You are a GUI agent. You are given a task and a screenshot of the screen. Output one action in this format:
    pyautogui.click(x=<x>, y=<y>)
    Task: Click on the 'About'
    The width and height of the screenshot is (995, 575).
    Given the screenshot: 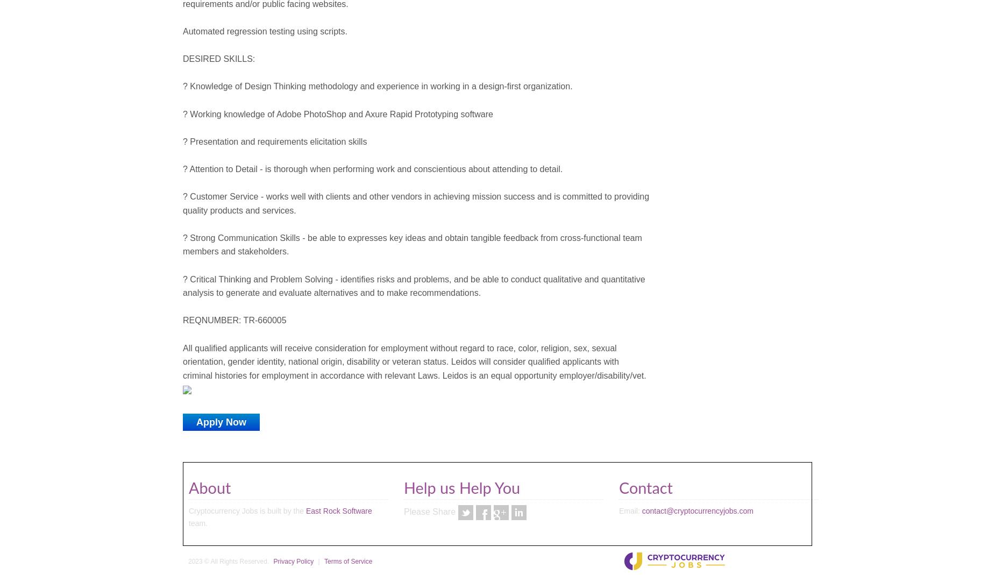 What is the action you would take?
    pyautogui.click(x=209, y=488)
    